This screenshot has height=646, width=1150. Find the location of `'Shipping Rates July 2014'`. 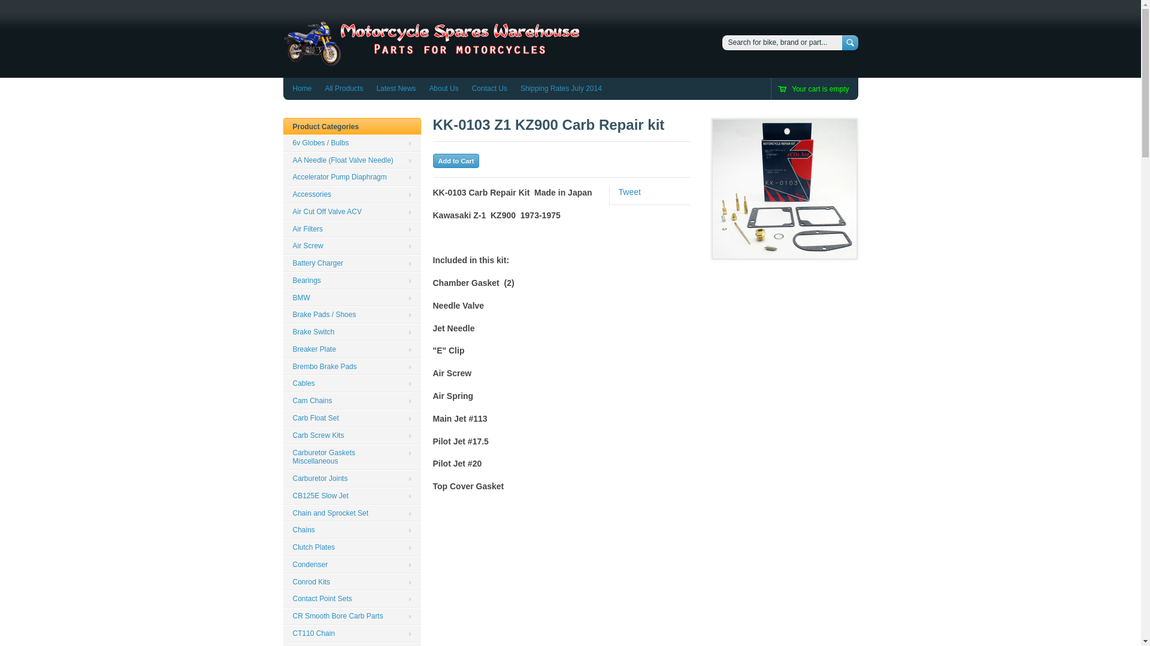

'Shipping Rates July 2014' is located at coordinates (560, 88).